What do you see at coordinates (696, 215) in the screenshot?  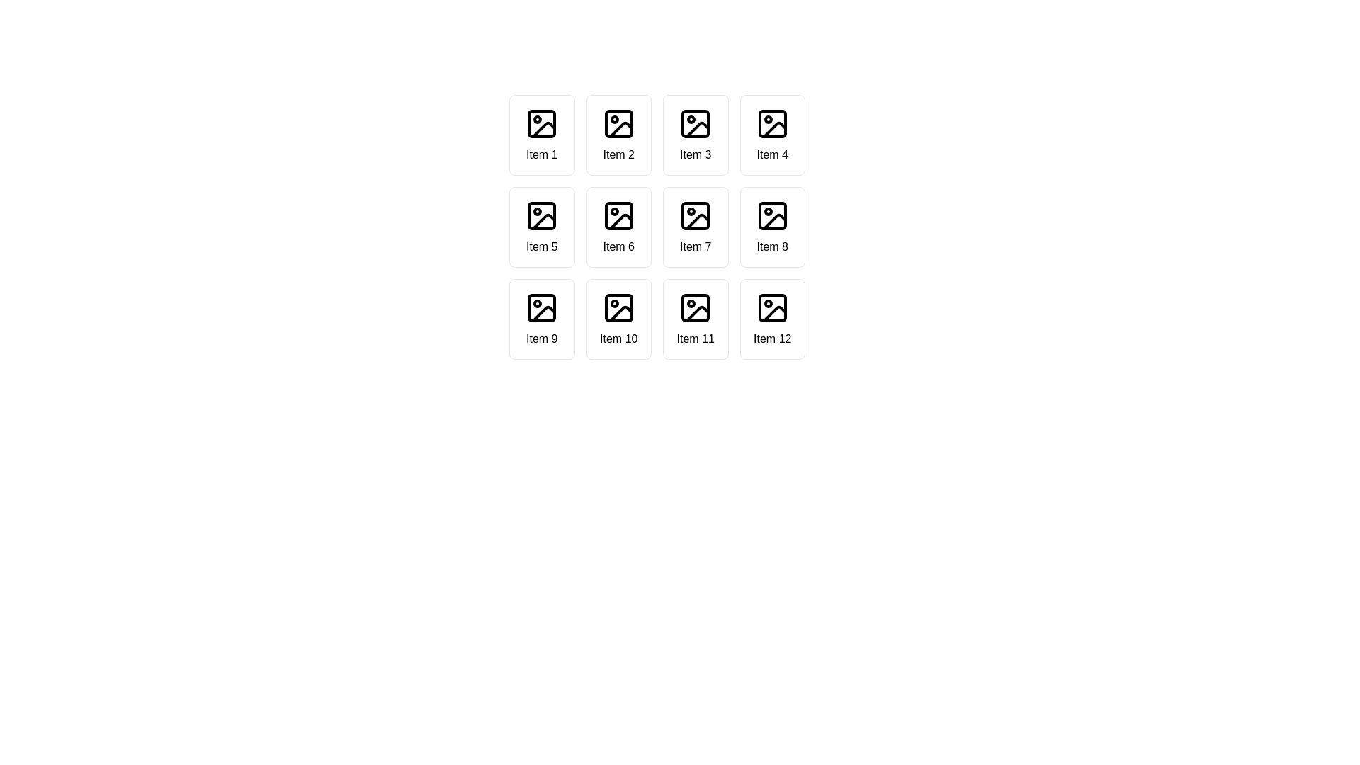 I see `the icon representing 'Item 7' in the grid layout, which is positioned above its text label` at bounding box center [696, 215].